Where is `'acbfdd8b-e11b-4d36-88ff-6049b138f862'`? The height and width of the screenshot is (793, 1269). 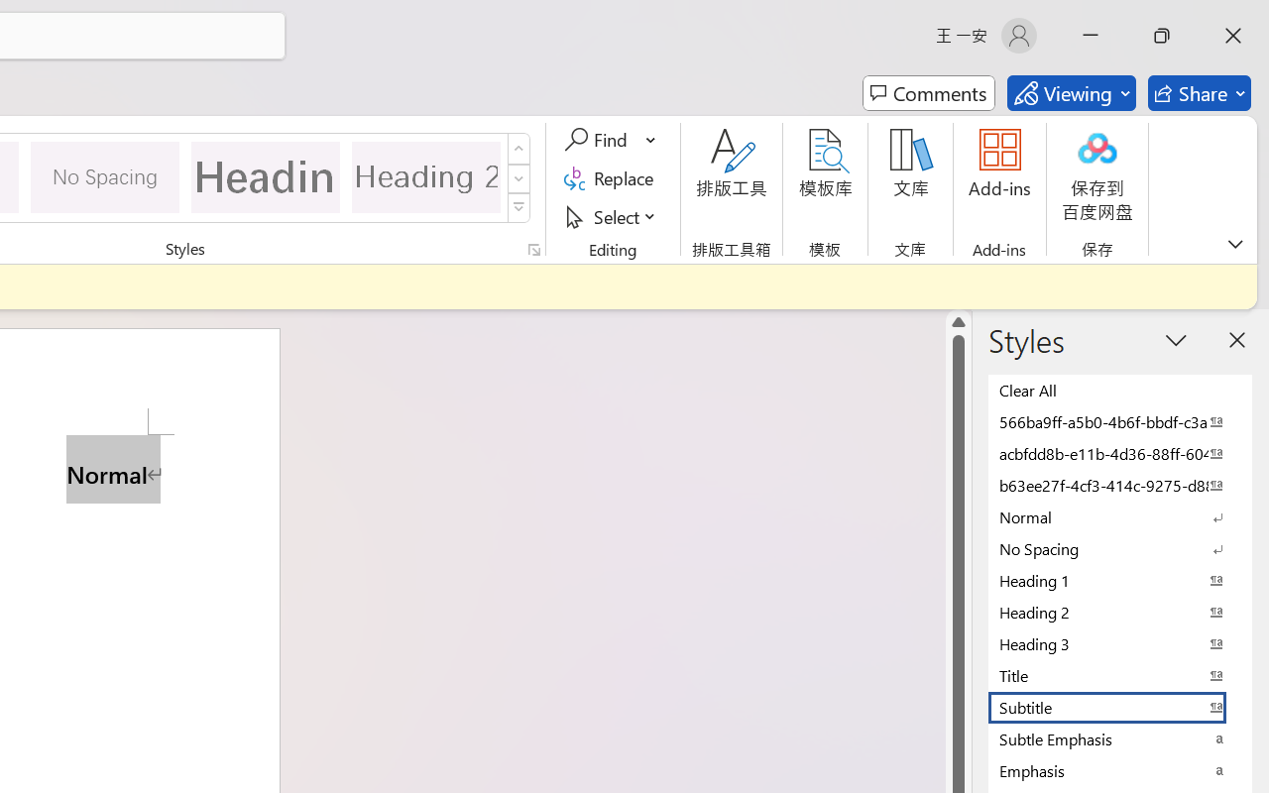 'acbfdd8b-e11b-4d36-88ff-6049b138f862' is located at coordinates (1120, 452).